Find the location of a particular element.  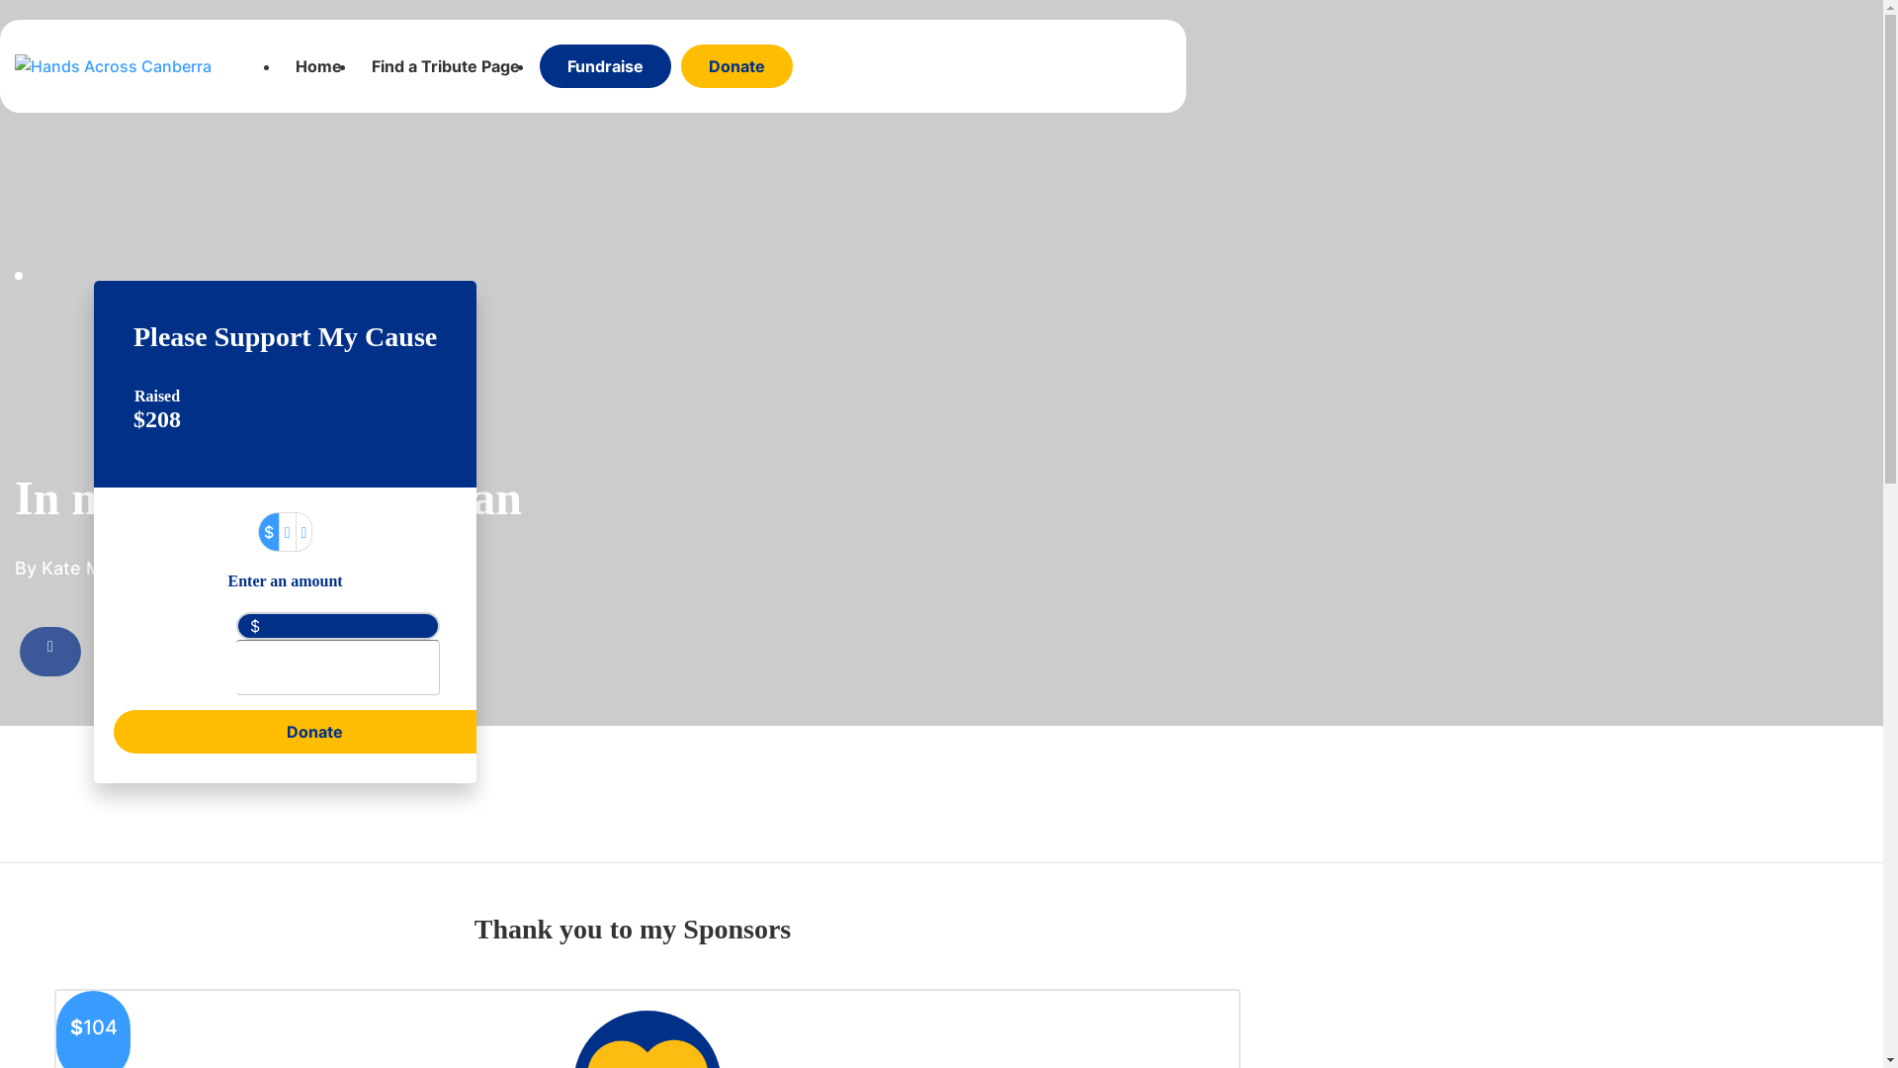

'Find a Tribute Page' is located at coordinates (445, 64).